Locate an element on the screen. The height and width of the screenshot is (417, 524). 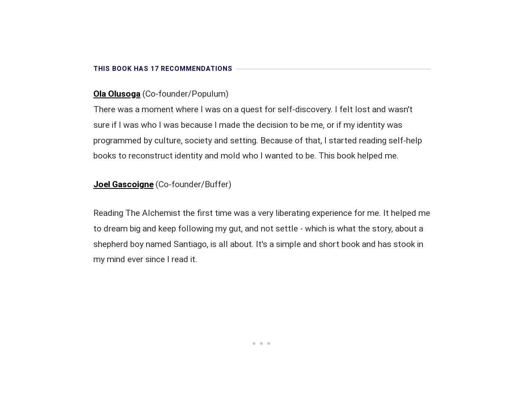
'(Founder/Anatomonics)' is located at coordinates (201, 353).